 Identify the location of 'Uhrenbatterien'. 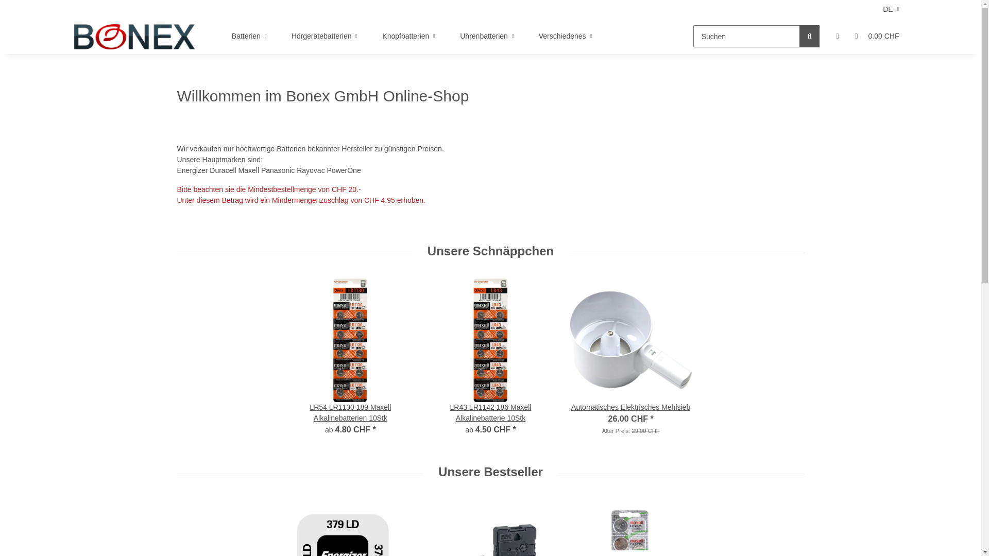
(486, 36).